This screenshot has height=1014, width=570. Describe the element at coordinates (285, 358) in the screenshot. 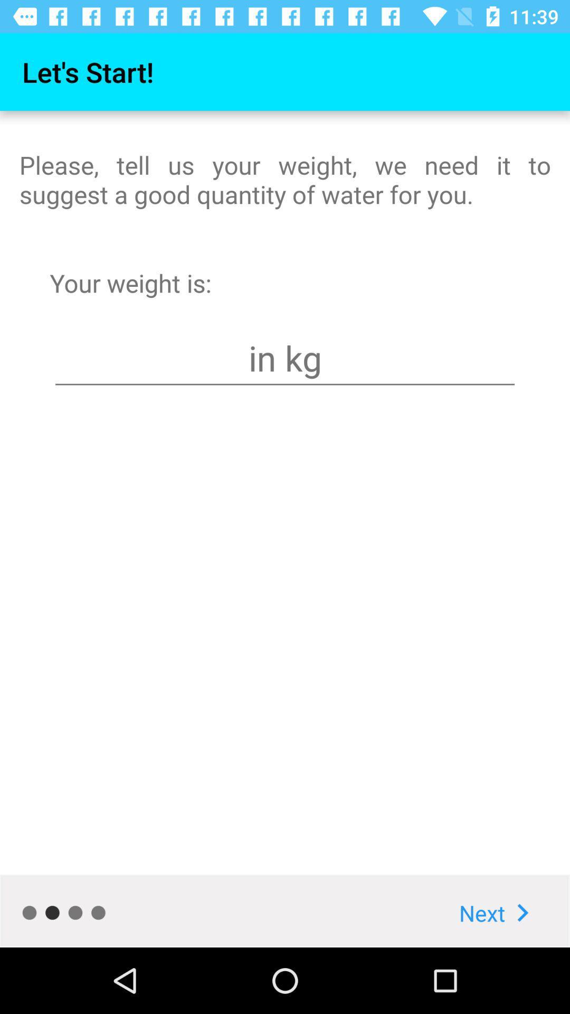

I see `weight` at that location.